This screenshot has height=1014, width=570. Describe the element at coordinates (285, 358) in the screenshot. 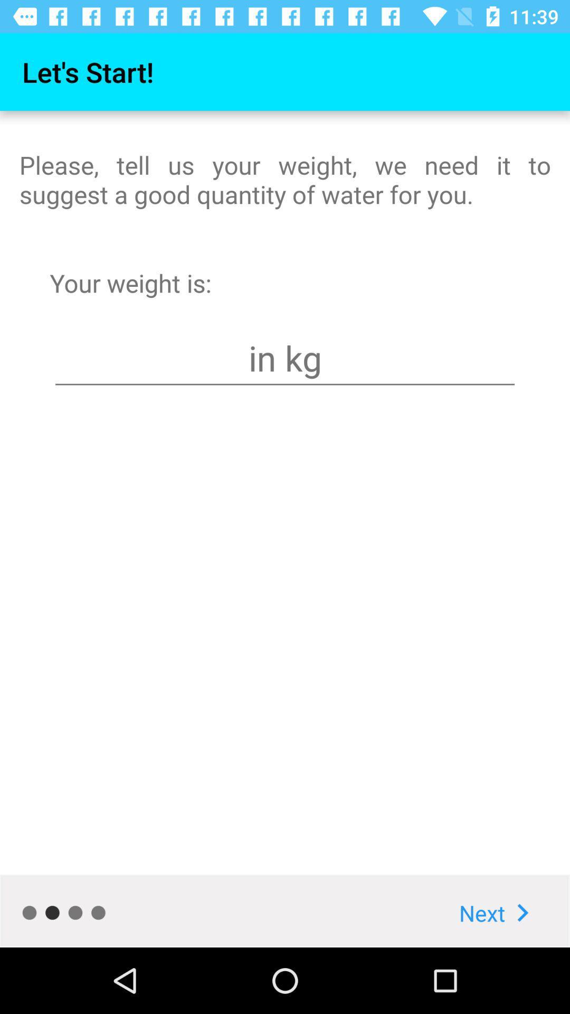

I see `weight` at that location.